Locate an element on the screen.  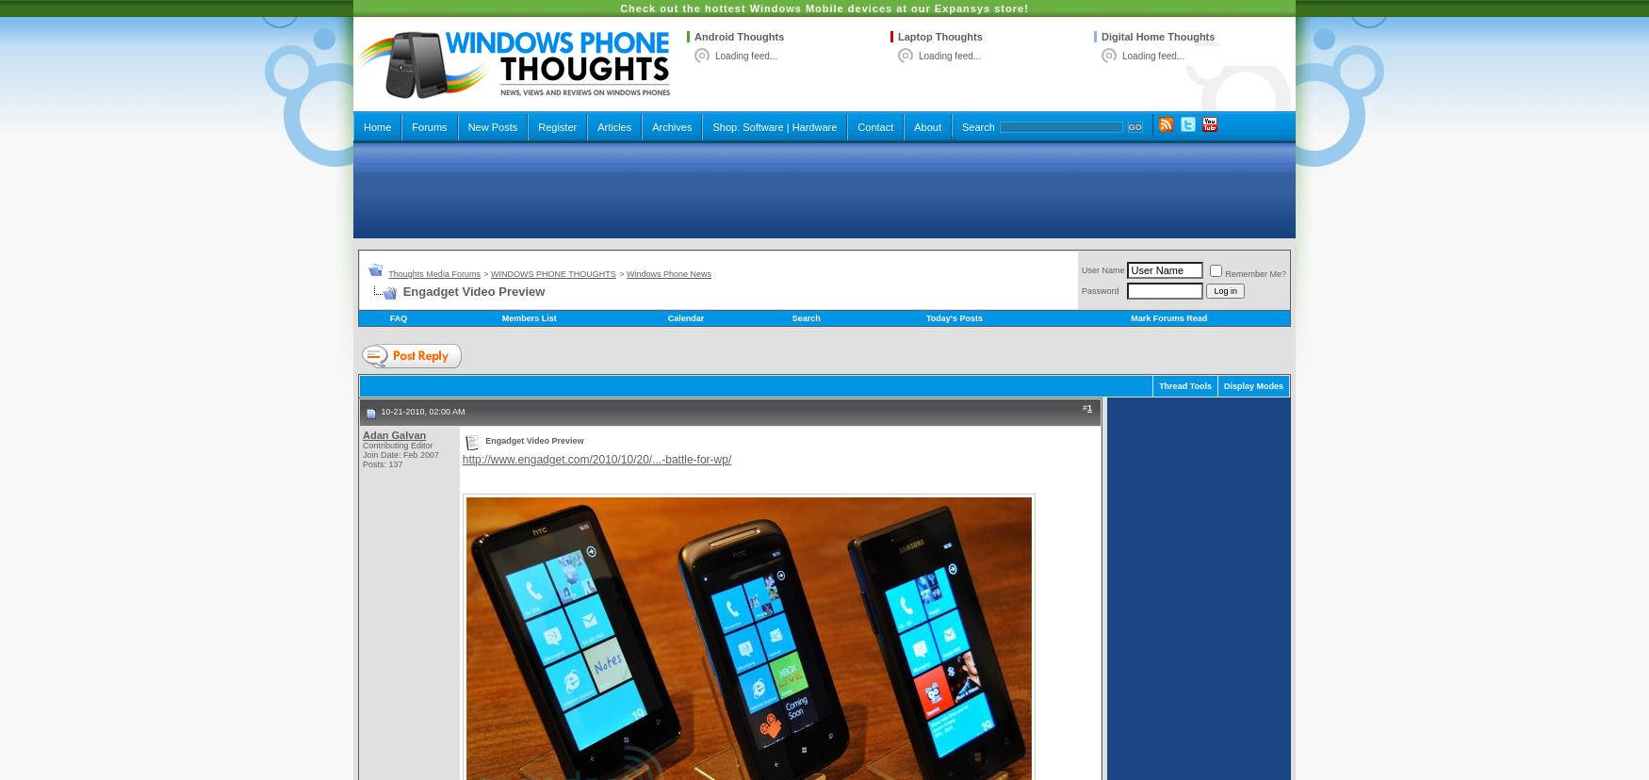
'Mark Forums Read' is located at coordinates (1168, 317).